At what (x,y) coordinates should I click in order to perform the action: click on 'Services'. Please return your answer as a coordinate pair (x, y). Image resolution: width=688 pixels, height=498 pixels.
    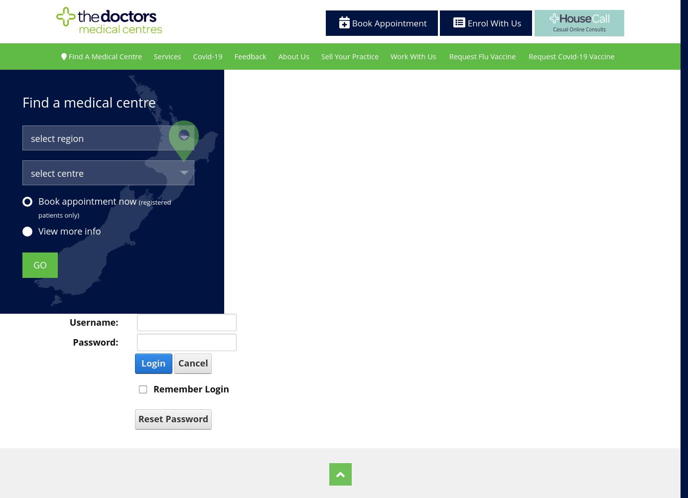
    Looking at the image, I should click on (166, 55).